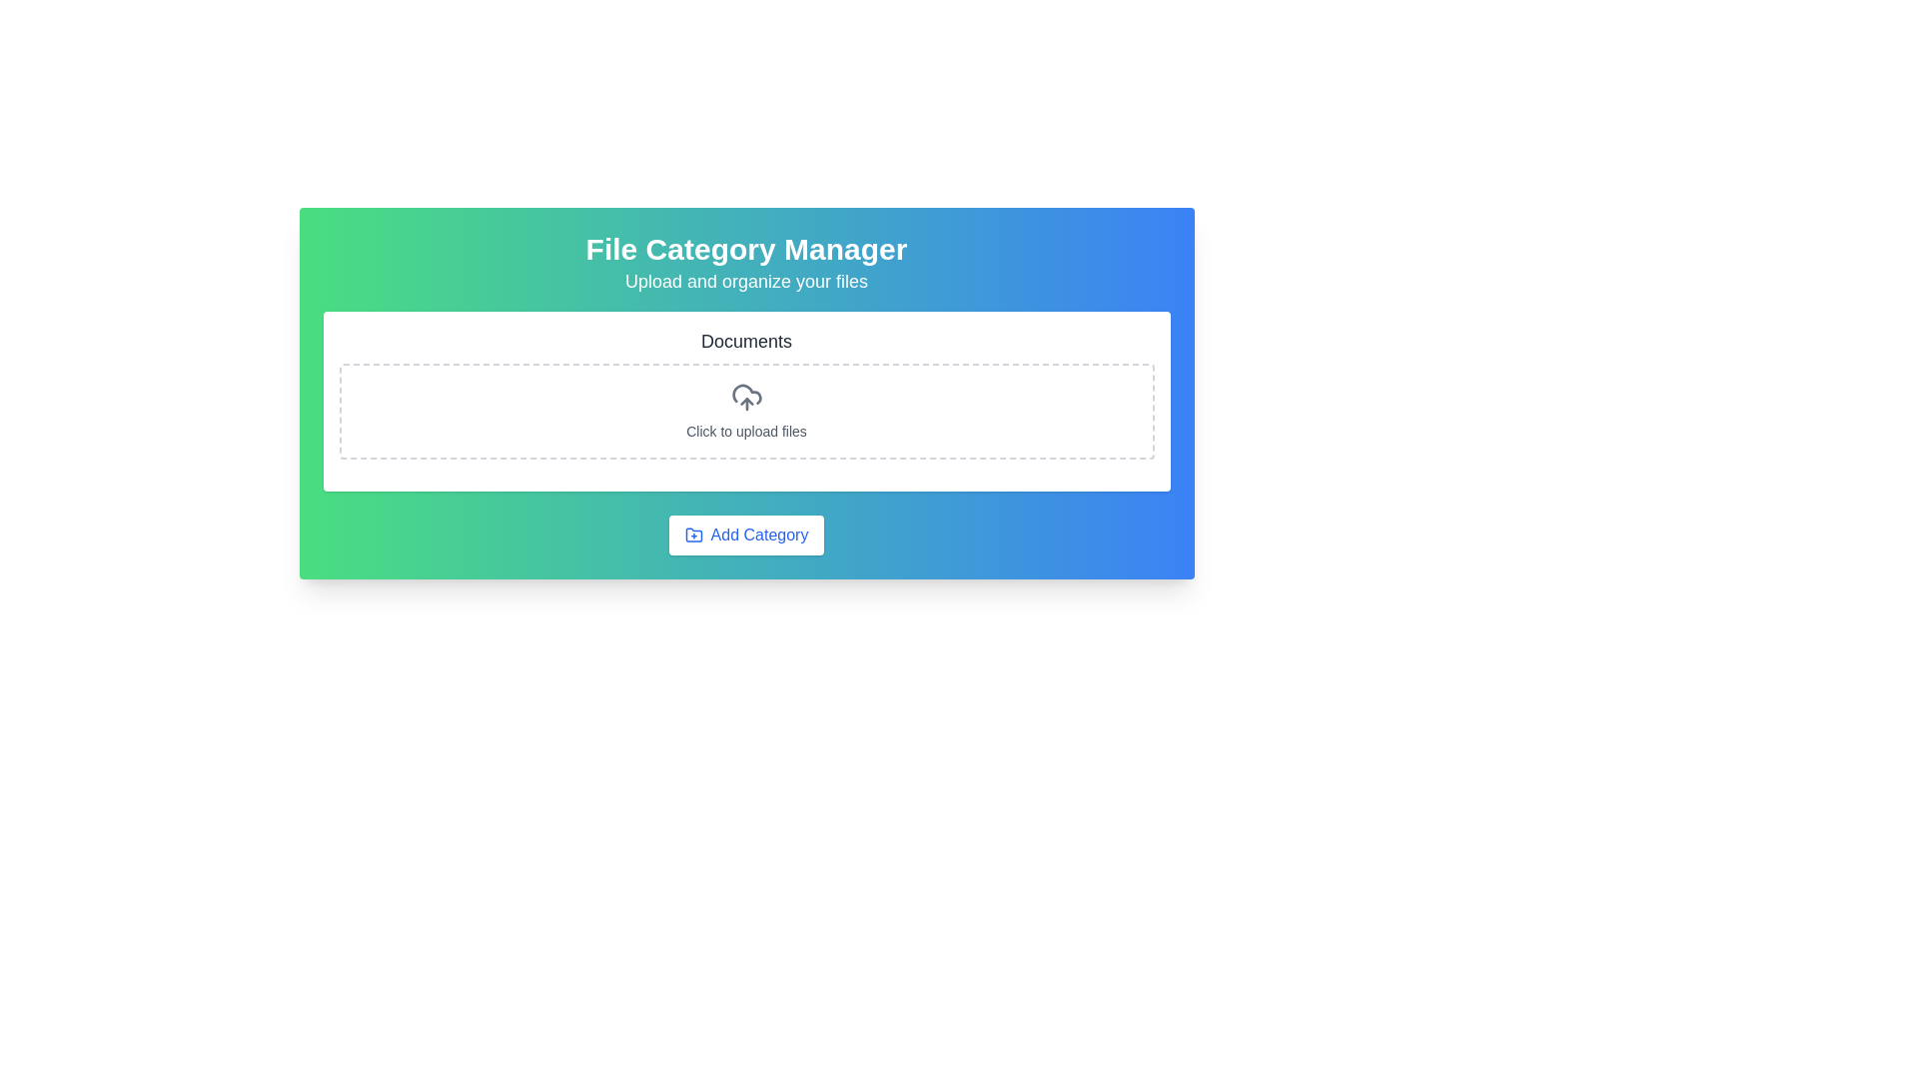 This screenshot has height=1079, width=1918. Describe the element at coordinates (745, 281) in the screenshot. I see `the descriptive text that provides instructions related to managing and organizing files, located below the heading 'File Category Manager'` at that location.